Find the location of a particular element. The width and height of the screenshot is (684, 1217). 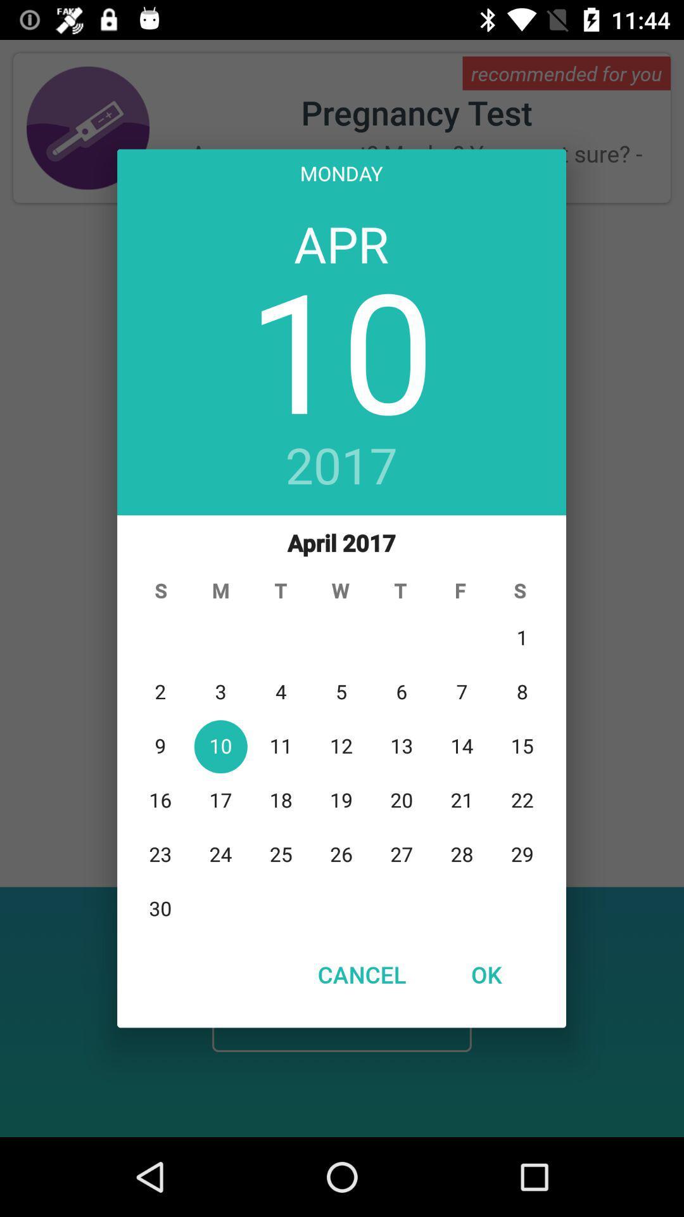

icon above the cancel item is located at coordinates (341, 724).